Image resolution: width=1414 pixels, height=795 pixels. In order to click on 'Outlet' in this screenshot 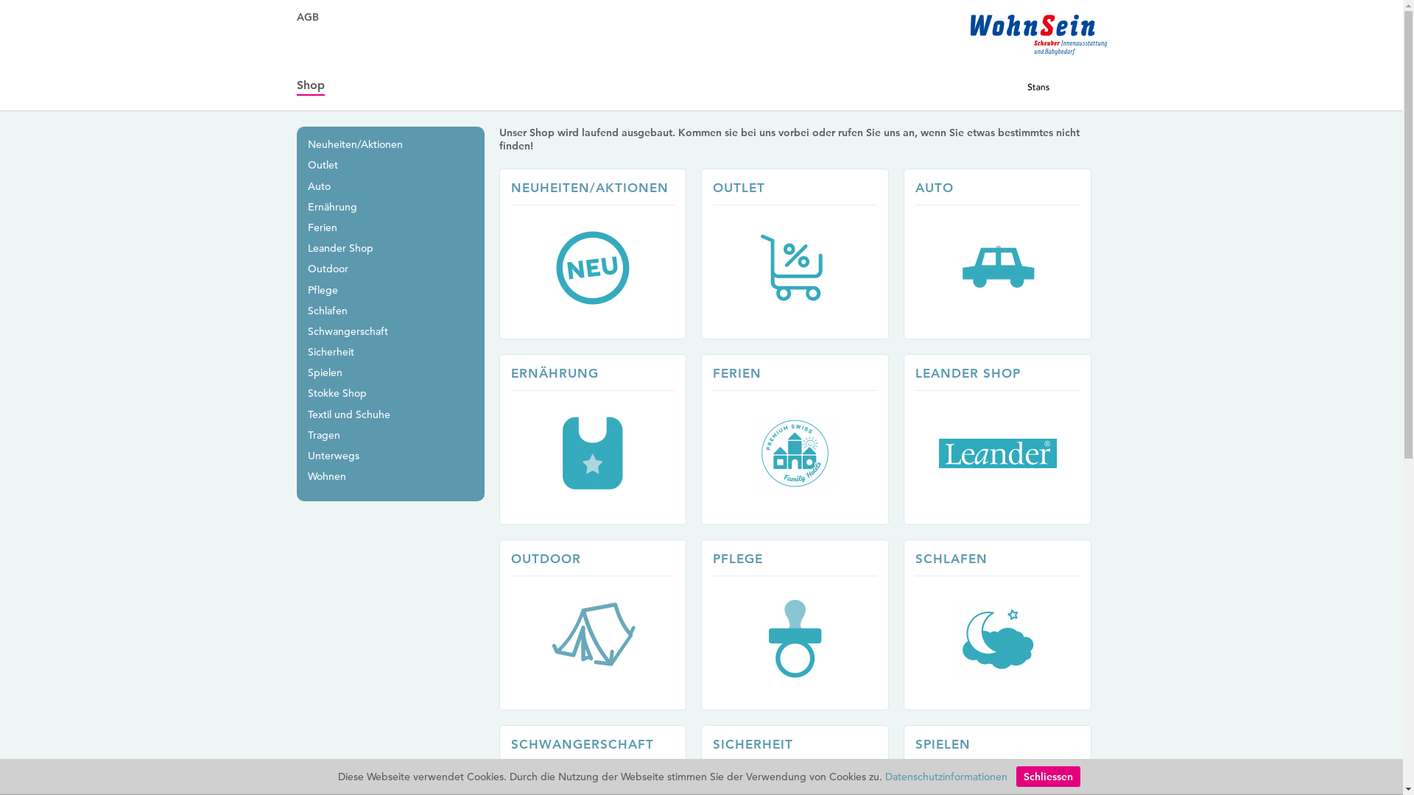, I will do `click(322, 164)`.